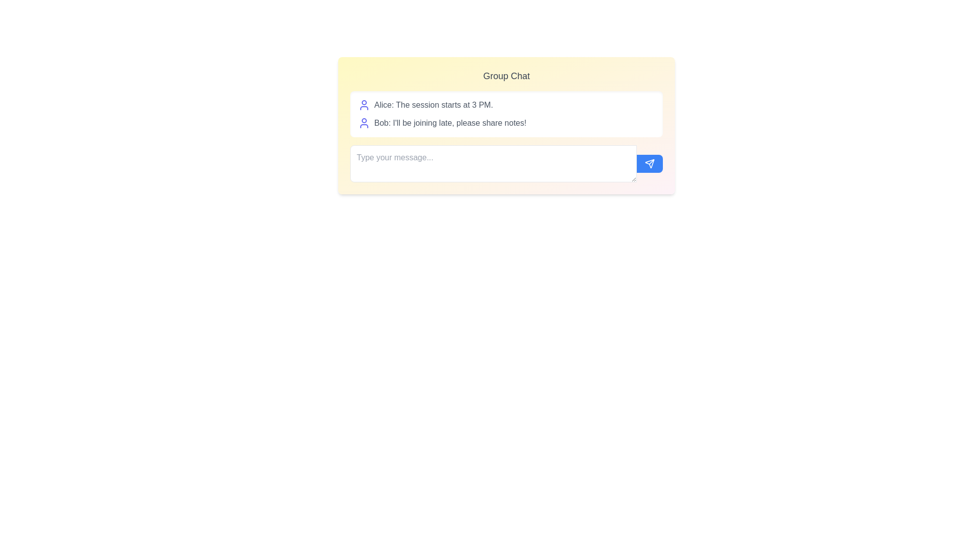 This screenshot has width=962, height=541. What do you see at coordinates (363, 123) in the screenshot?
I see `the indigo circular avatar icon with a human silhouette` at bounding box center [363, 123].